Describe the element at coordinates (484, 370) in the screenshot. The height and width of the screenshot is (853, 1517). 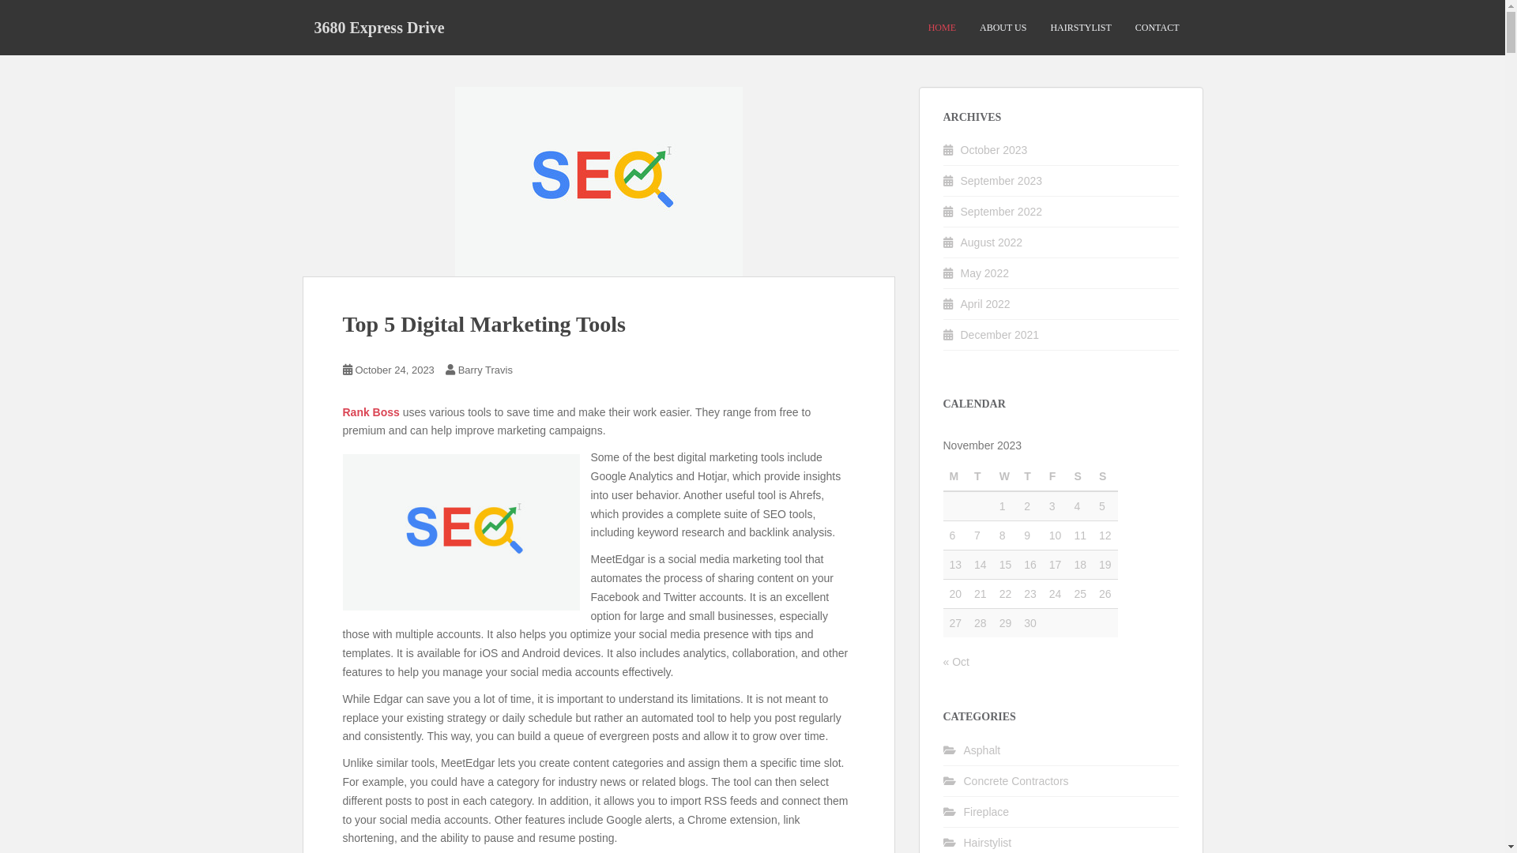
I see `'Barry Travis'` at that location.